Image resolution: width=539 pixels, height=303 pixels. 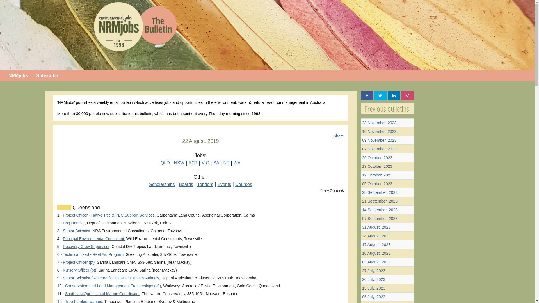 What do you see at coordinates (79, 270) in the screenshot?
I see `'Nursery Officer (pt)'` at bounding box center [79, 270].